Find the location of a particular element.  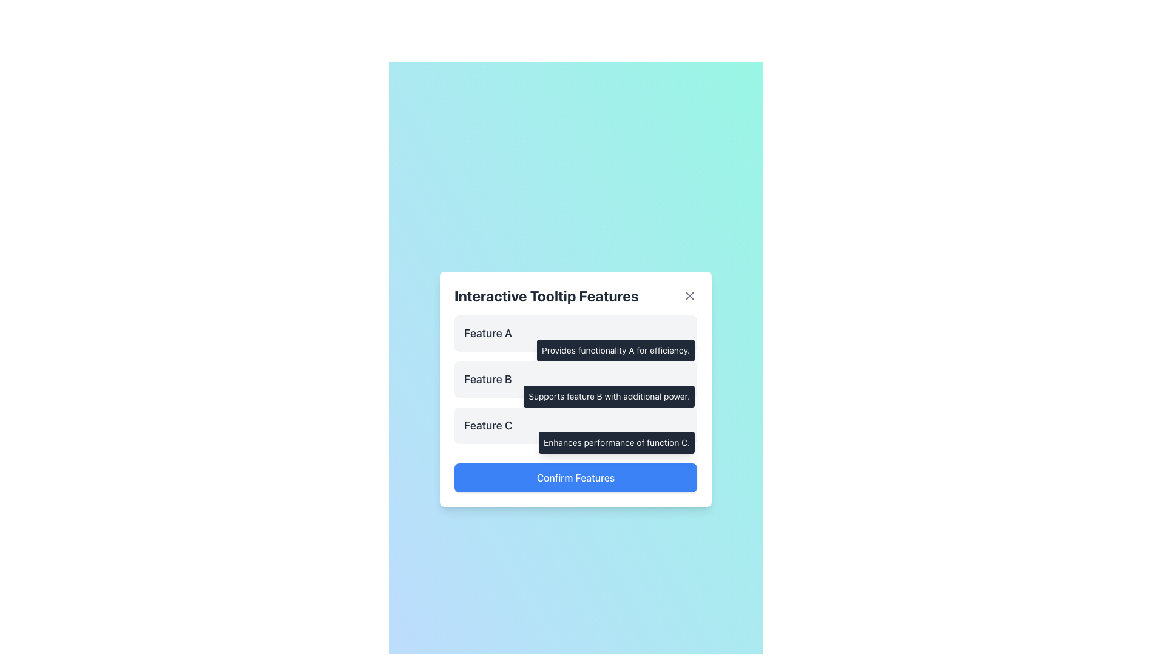

the static text element titled 'Interactive Tooltip Features', which is a bold, dark gray font header located at the top of a modal dialog box is located at coordinates (545, 296).